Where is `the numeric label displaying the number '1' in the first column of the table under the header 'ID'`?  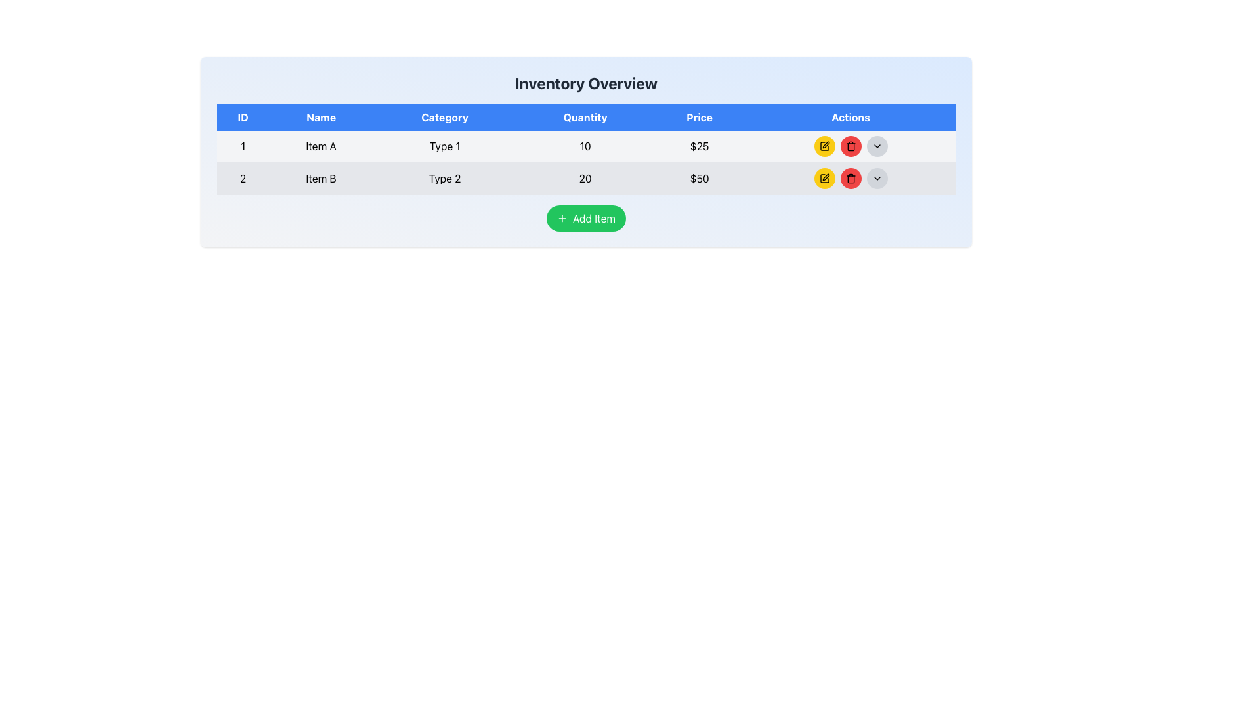 the numeric label displaying the number '1' in the first column of the table under the header 'ID' is located at coordinates (243, 146).